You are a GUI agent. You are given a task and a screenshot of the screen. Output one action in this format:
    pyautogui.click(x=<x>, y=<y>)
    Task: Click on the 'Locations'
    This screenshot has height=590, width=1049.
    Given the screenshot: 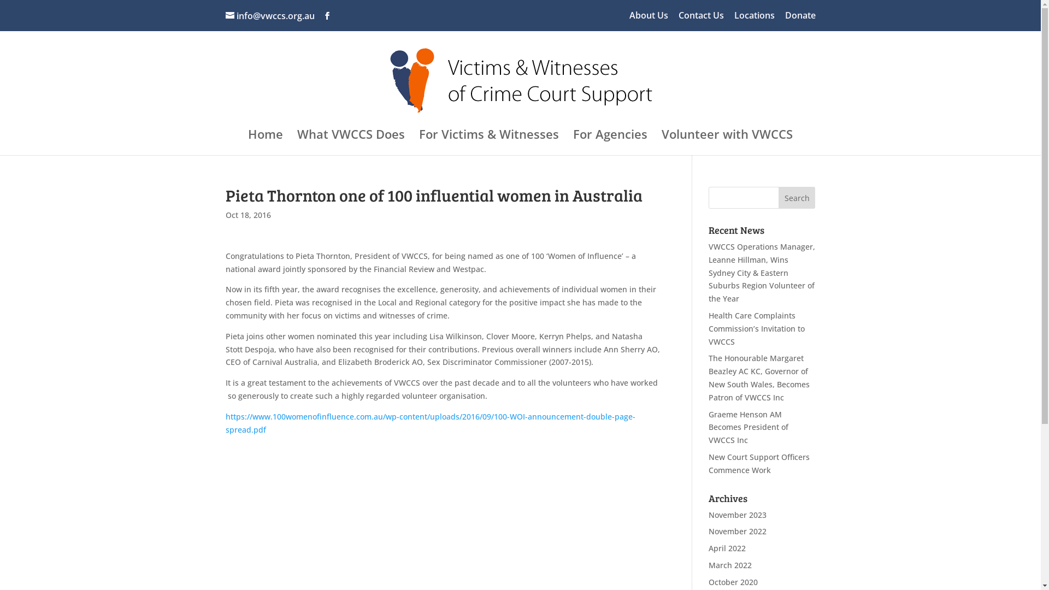 What is the action you would take?
    pyautogui.click(x=734, y=19)
    